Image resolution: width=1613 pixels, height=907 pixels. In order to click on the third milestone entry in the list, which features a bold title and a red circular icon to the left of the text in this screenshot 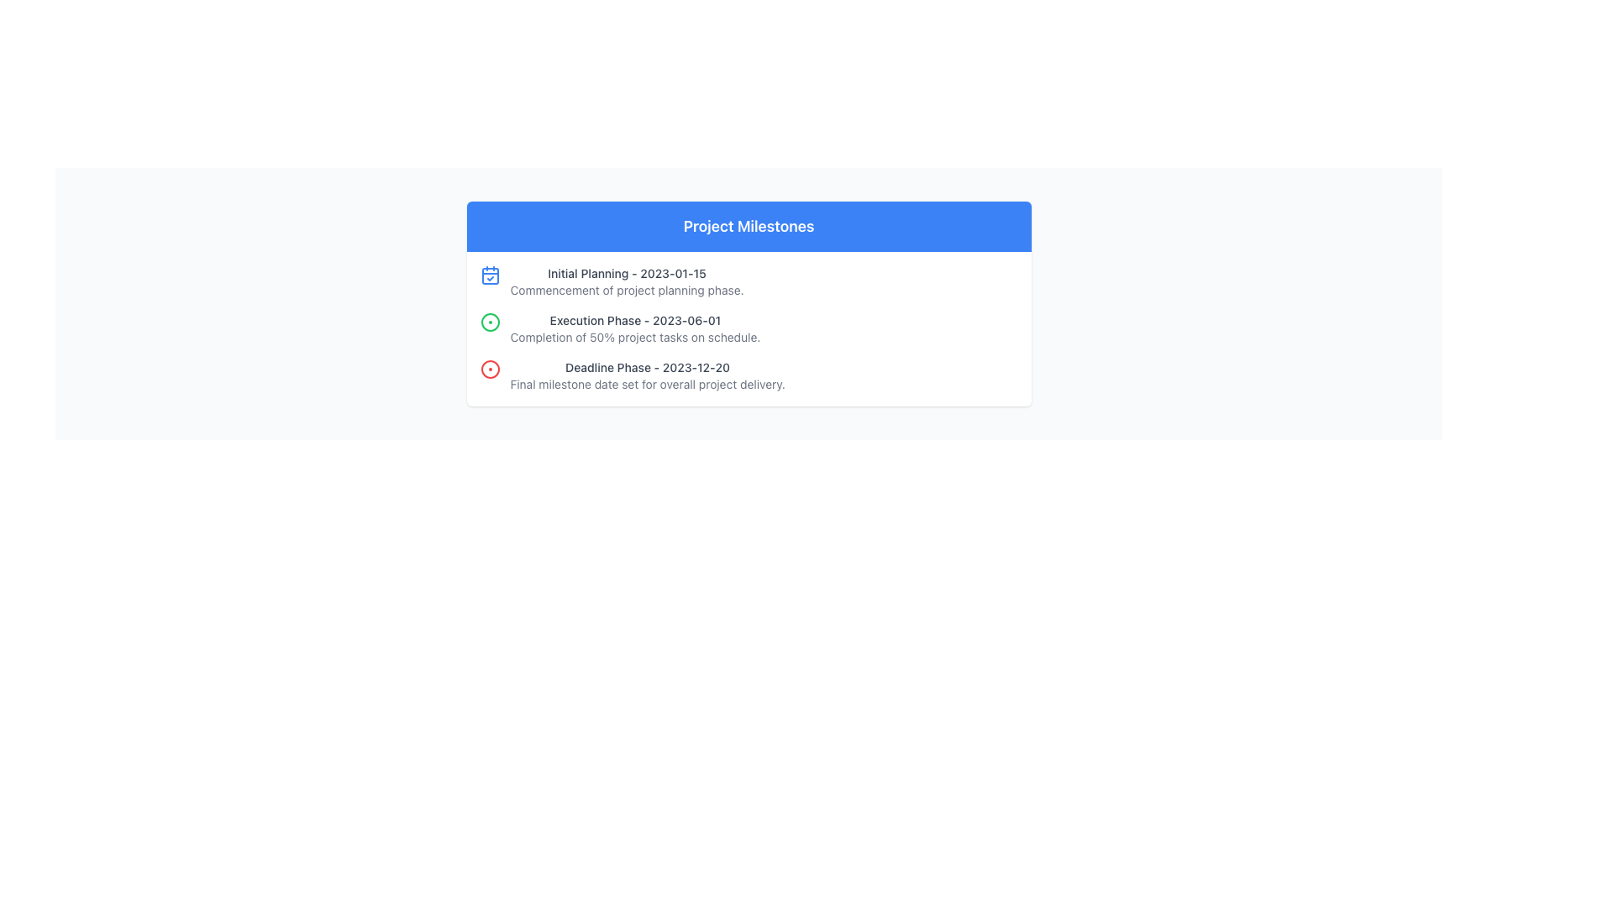, I will do `click(748, 375)`.